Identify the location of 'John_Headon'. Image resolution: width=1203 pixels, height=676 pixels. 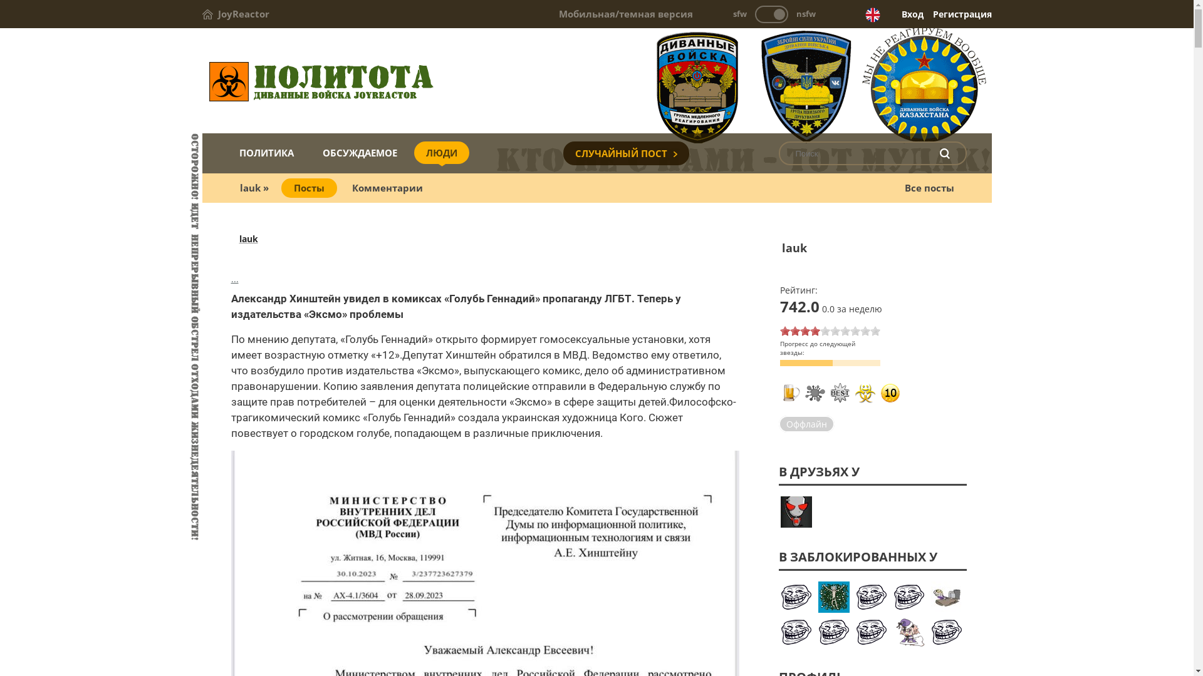
(796, 511).